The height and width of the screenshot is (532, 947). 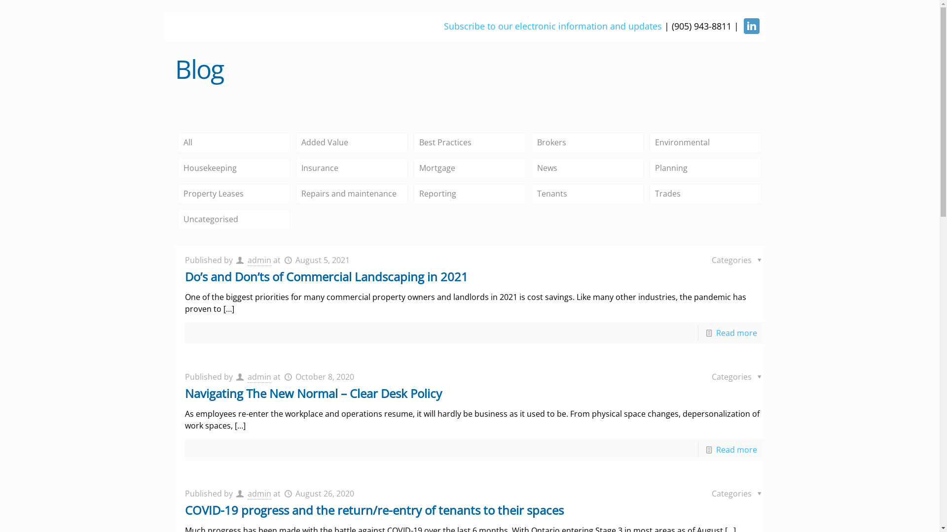 I want to click on 'Uncategorised', so click(x=178, y=218).